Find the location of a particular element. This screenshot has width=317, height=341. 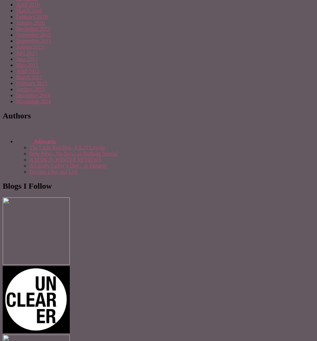

'January 2015' is located at coordinates (30, 89).